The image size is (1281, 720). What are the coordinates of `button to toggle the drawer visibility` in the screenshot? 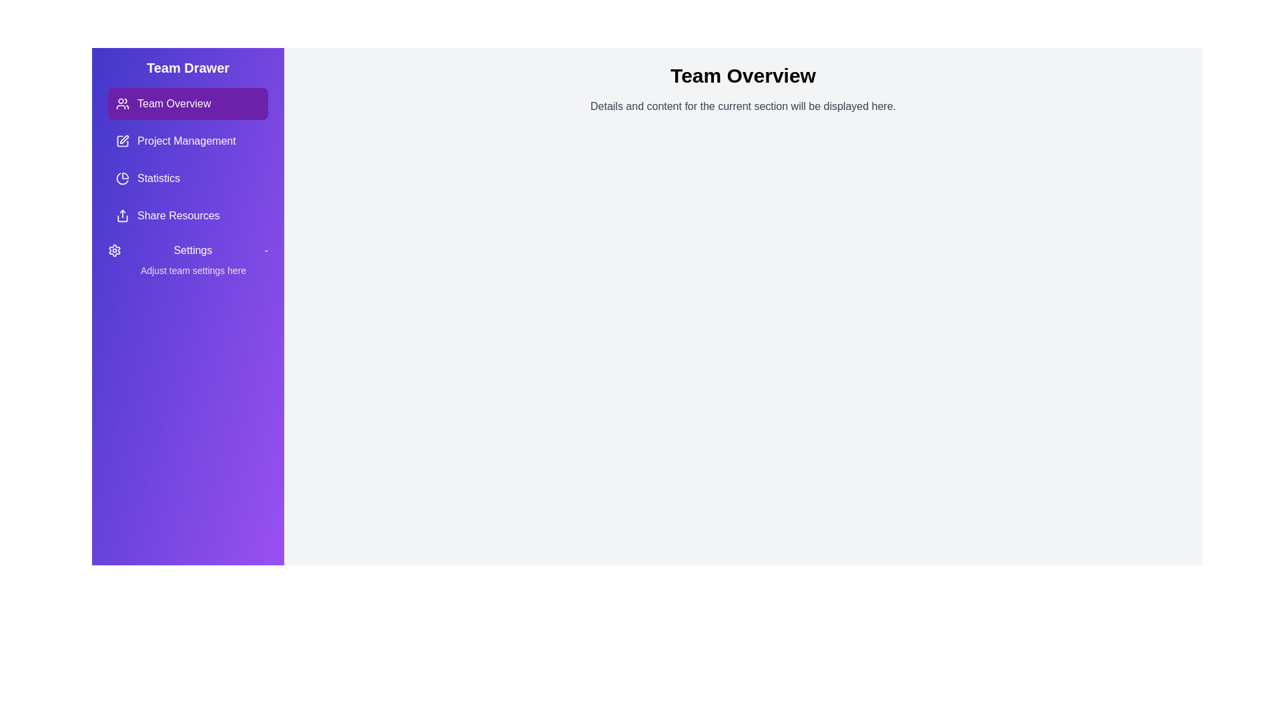 It's located at (284, 47).